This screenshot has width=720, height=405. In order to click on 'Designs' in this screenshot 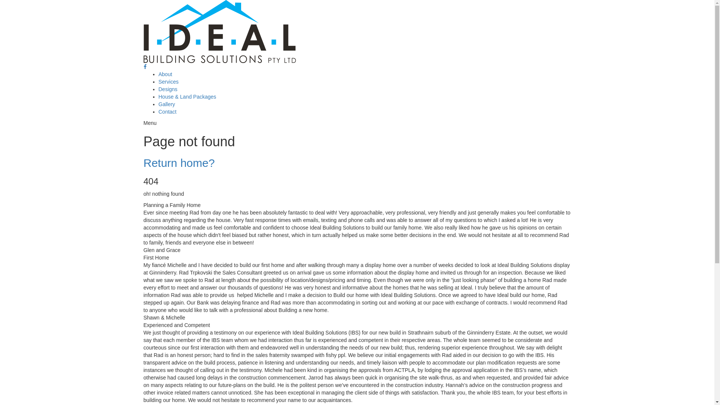, I will do `click(167, 89)`.